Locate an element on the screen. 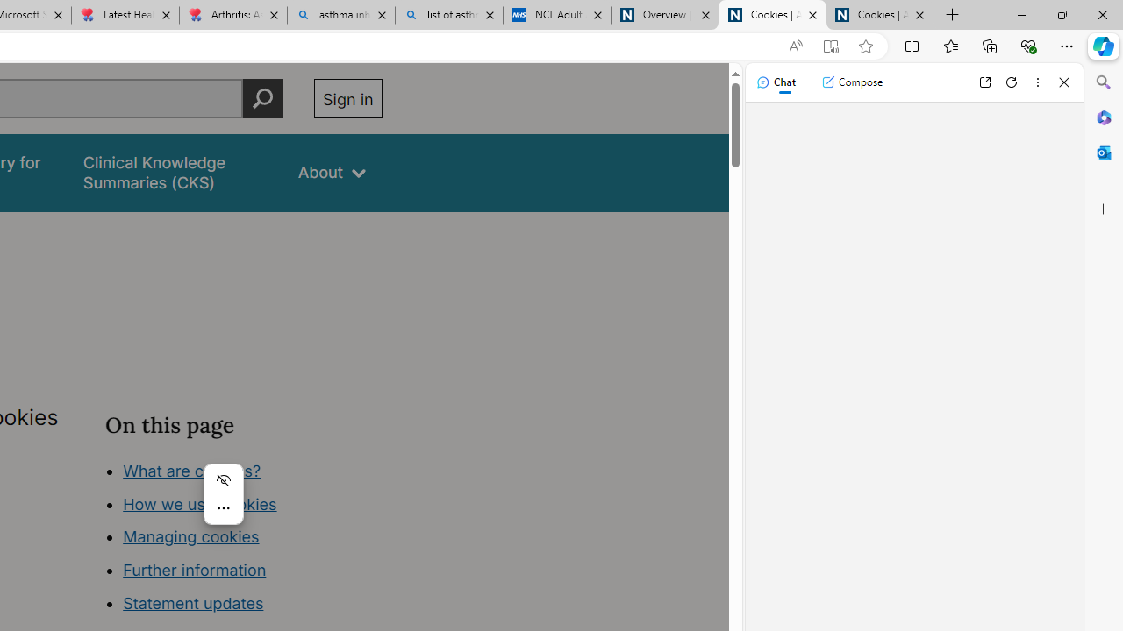  'Perform search' is located at coordinates (261, 98).